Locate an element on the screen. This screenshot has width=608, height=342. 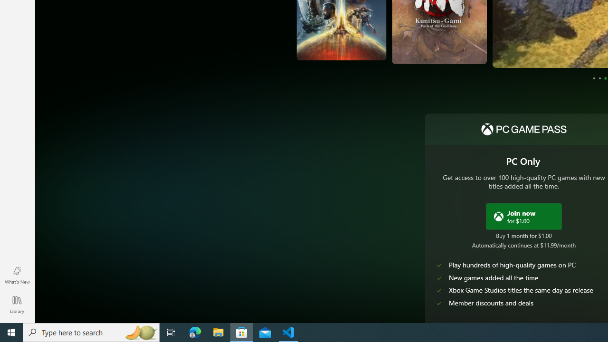
'Page 2' is located at coordinates (599, 77).